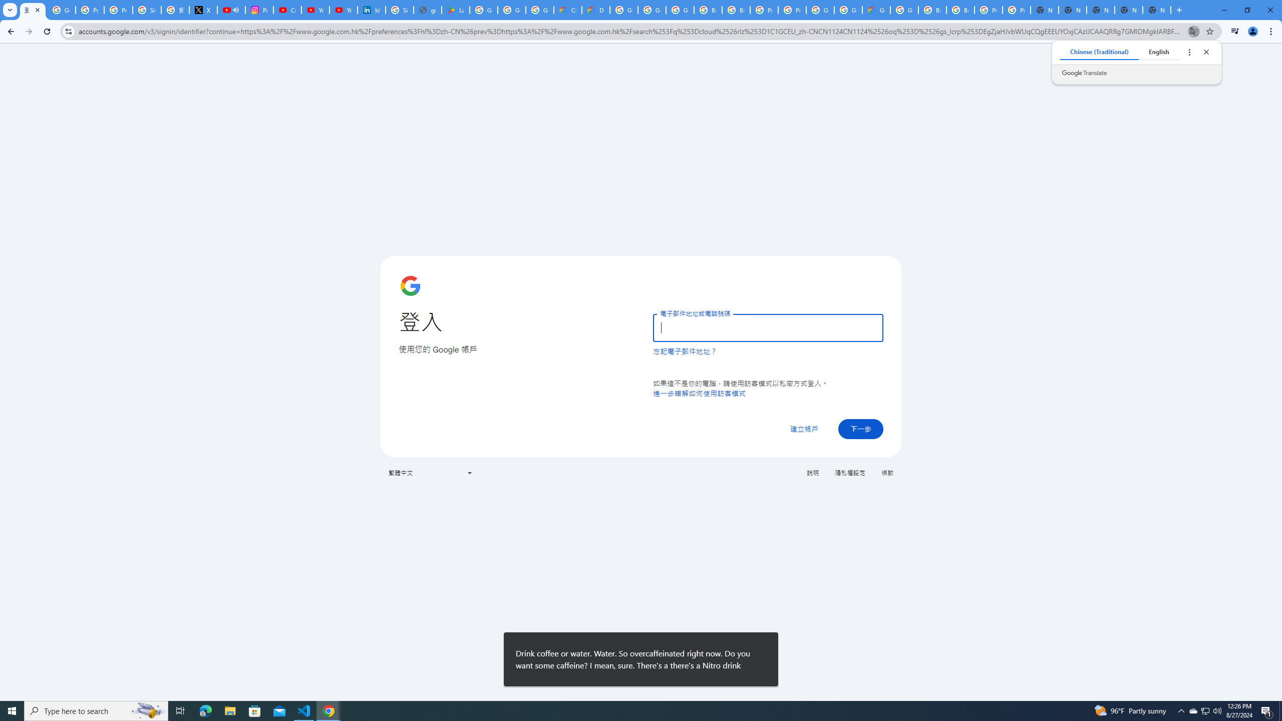 The image size is (1282, 721). What do you see at coordinates (235, 10) in the screenshot?
I see `'Mute tab'` at bounding box center [235, 10].